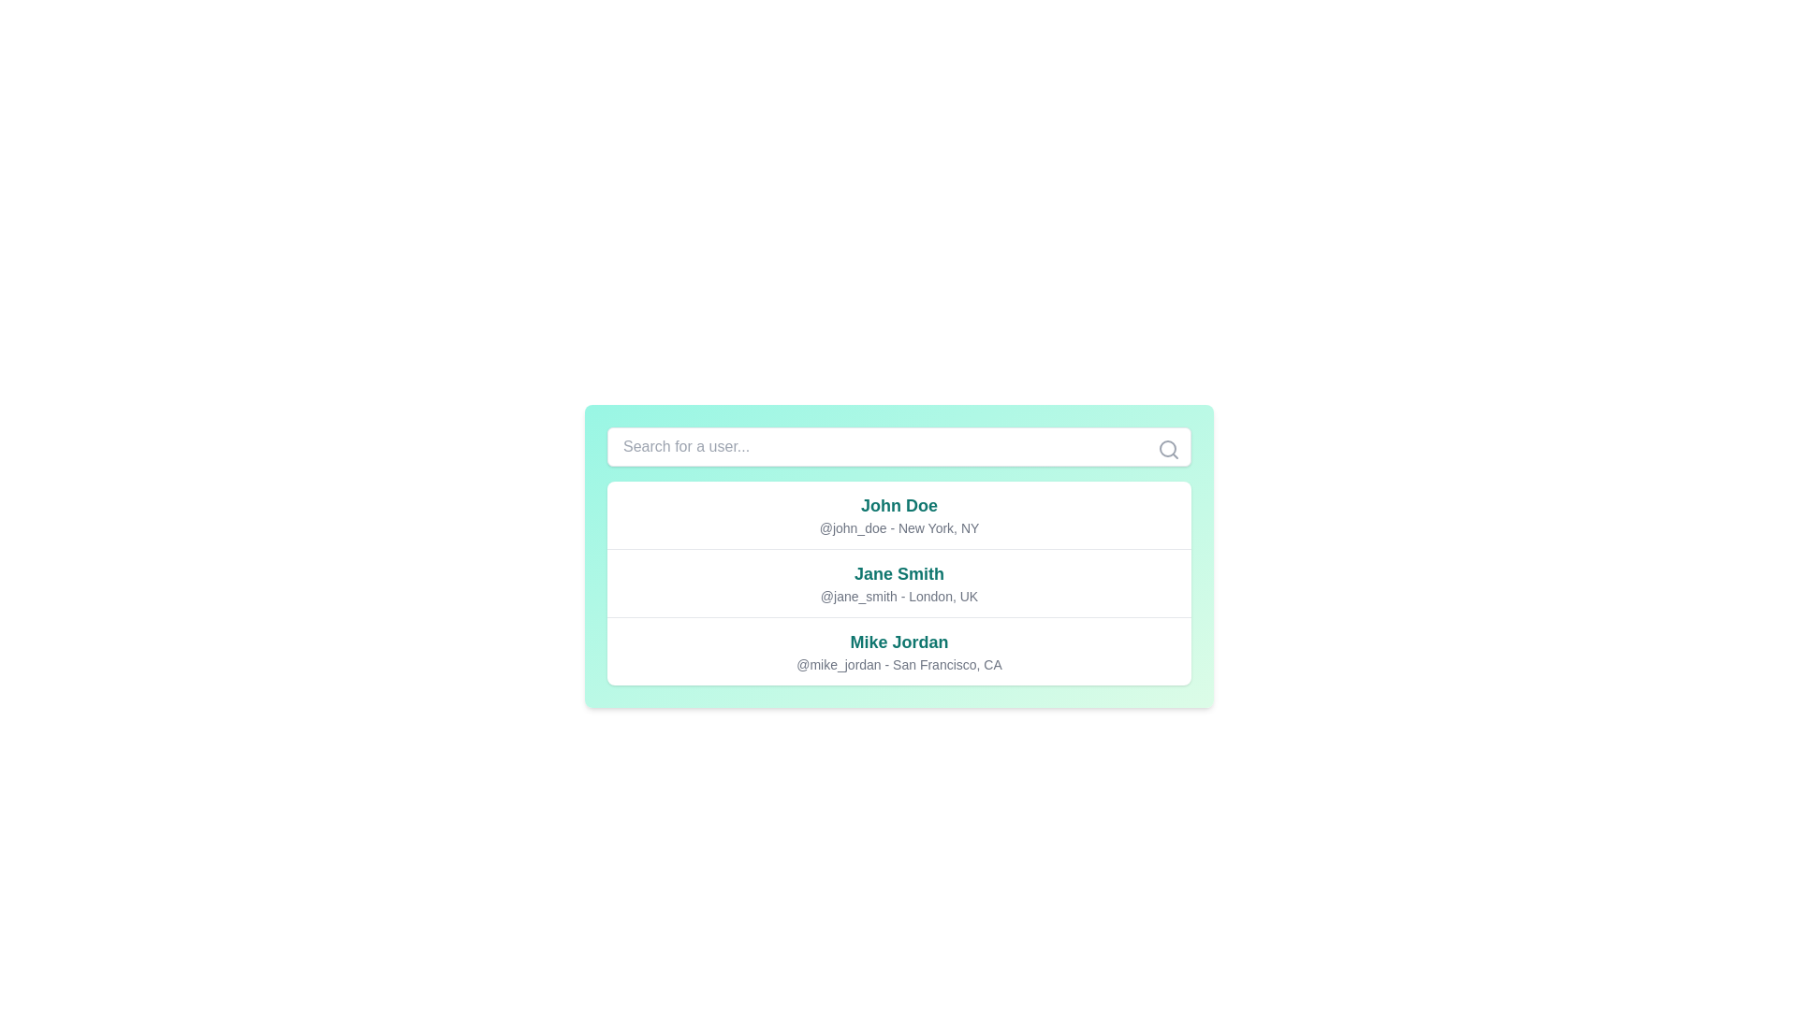  Describe the element at coordinates (898, 527) in the screenshot. I see `the text label displaying the username and location, which is positioned under the bold name 'John Doe' within a profile card` at that location.